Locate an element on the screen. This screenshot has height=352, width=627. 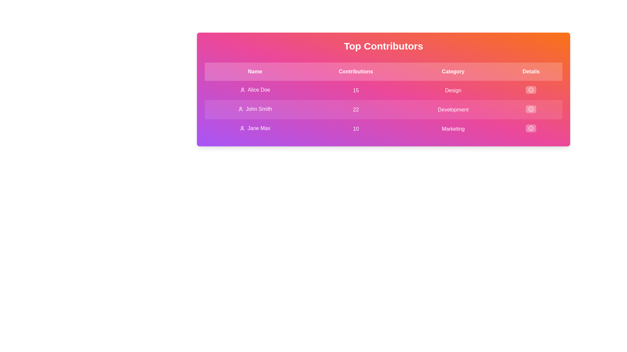
the information icon in the 'Details' column of the table corresponding to the 'Design' category is located at coordinates (531, 90).